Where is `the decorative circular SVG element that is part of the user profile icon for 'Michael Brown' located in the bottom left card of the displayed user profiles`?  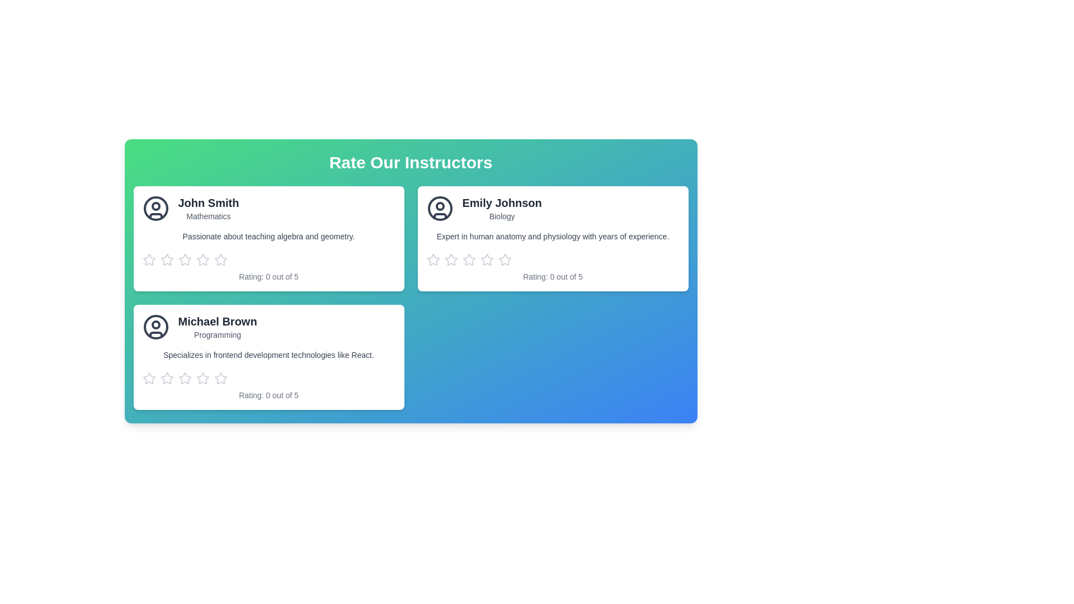
the decorative circular SVG element that is part of the user profile icon for 'Michael Brown' located in the bottom left card of the displayed user profiles is located at coordinates (155, 325).